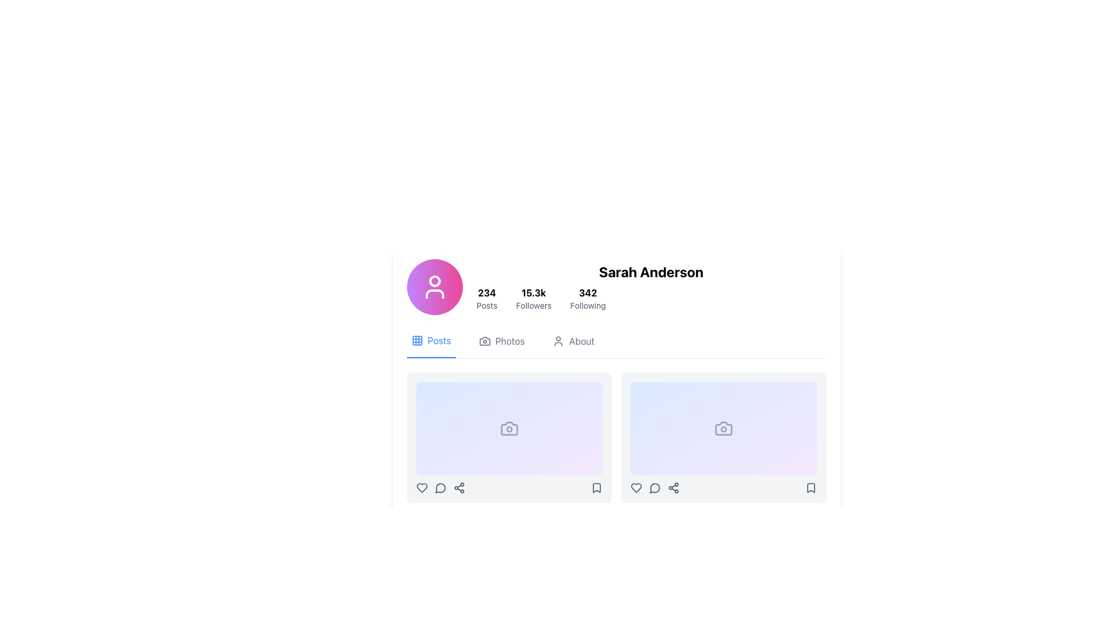 This screenshot has height=629, width=1118. What do you see at coordinates (487, 292) in the screenshot?
I see `count displayed in the bold, black text label showing the number '234', which is centrally aligned above the 'Posts' label` at bounding box center [487, 292].